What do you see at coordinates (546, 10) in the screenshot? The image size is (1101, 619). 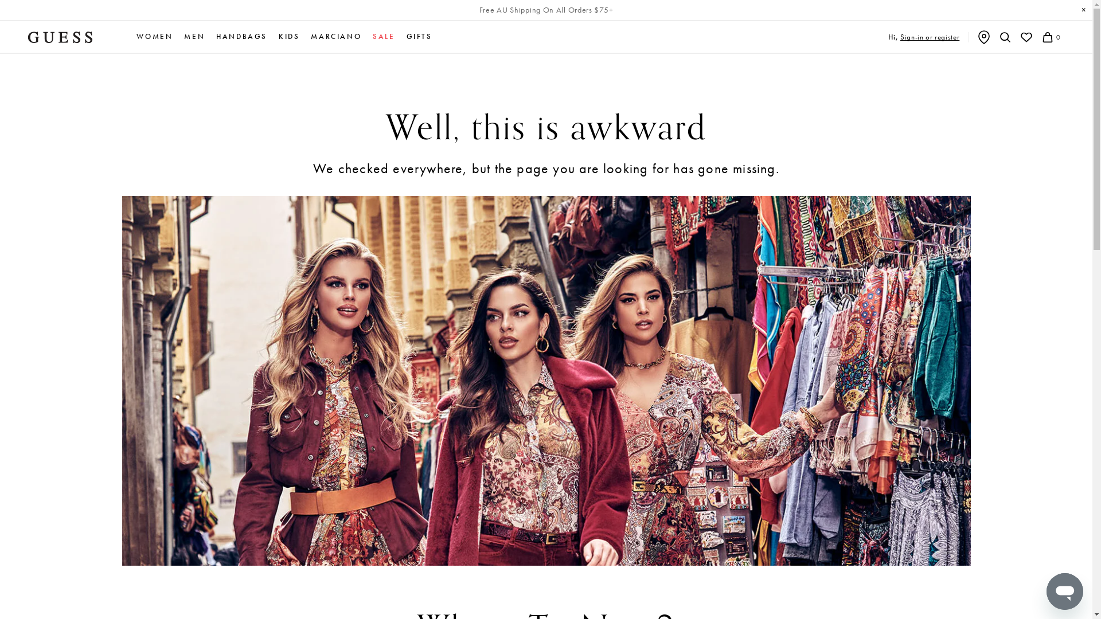 I see `'Free AU Shipping On All Orders $75+'` at bounding box center [546, 10].